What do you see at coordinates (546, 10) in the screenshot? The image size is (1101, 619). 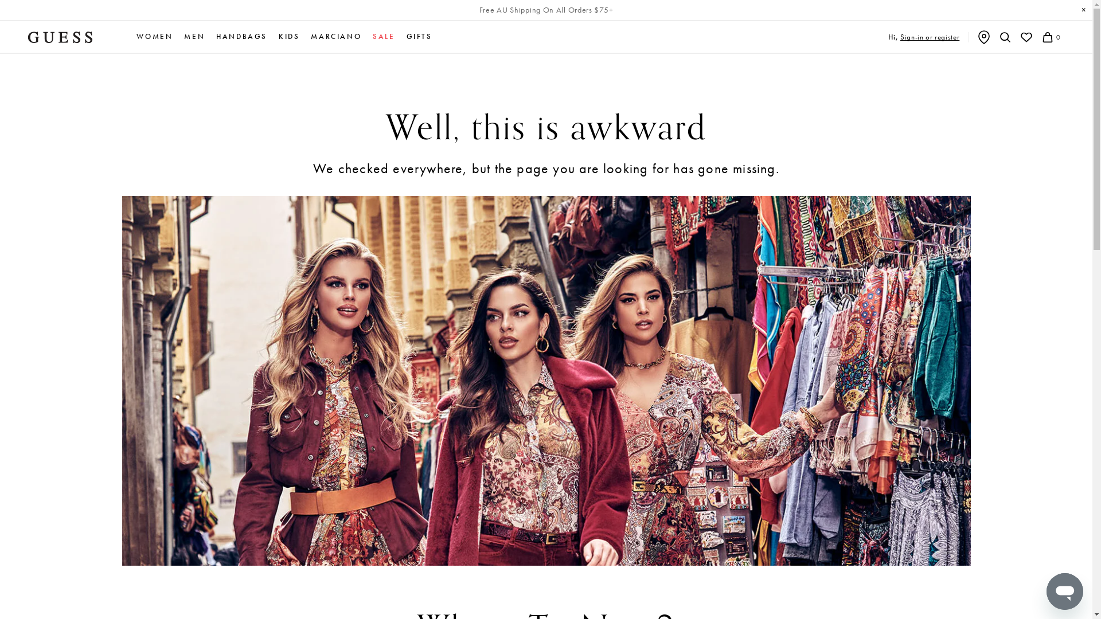 I see `'Free AU Shipping On All Orders $75+'` at bounding box center [546, 10].